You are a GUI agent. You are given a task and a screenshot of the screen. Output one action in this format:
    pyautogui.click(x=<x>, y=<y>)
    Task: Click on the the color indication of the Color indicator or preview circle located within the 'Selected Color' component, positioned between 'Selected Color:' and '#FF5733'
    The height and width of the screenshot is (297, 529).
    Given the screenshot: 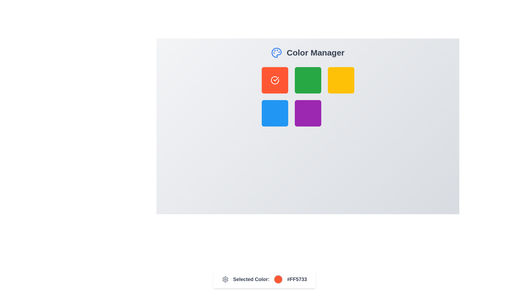 What is the action you would take?
    pyautogui.click(x=278, y=279)
    